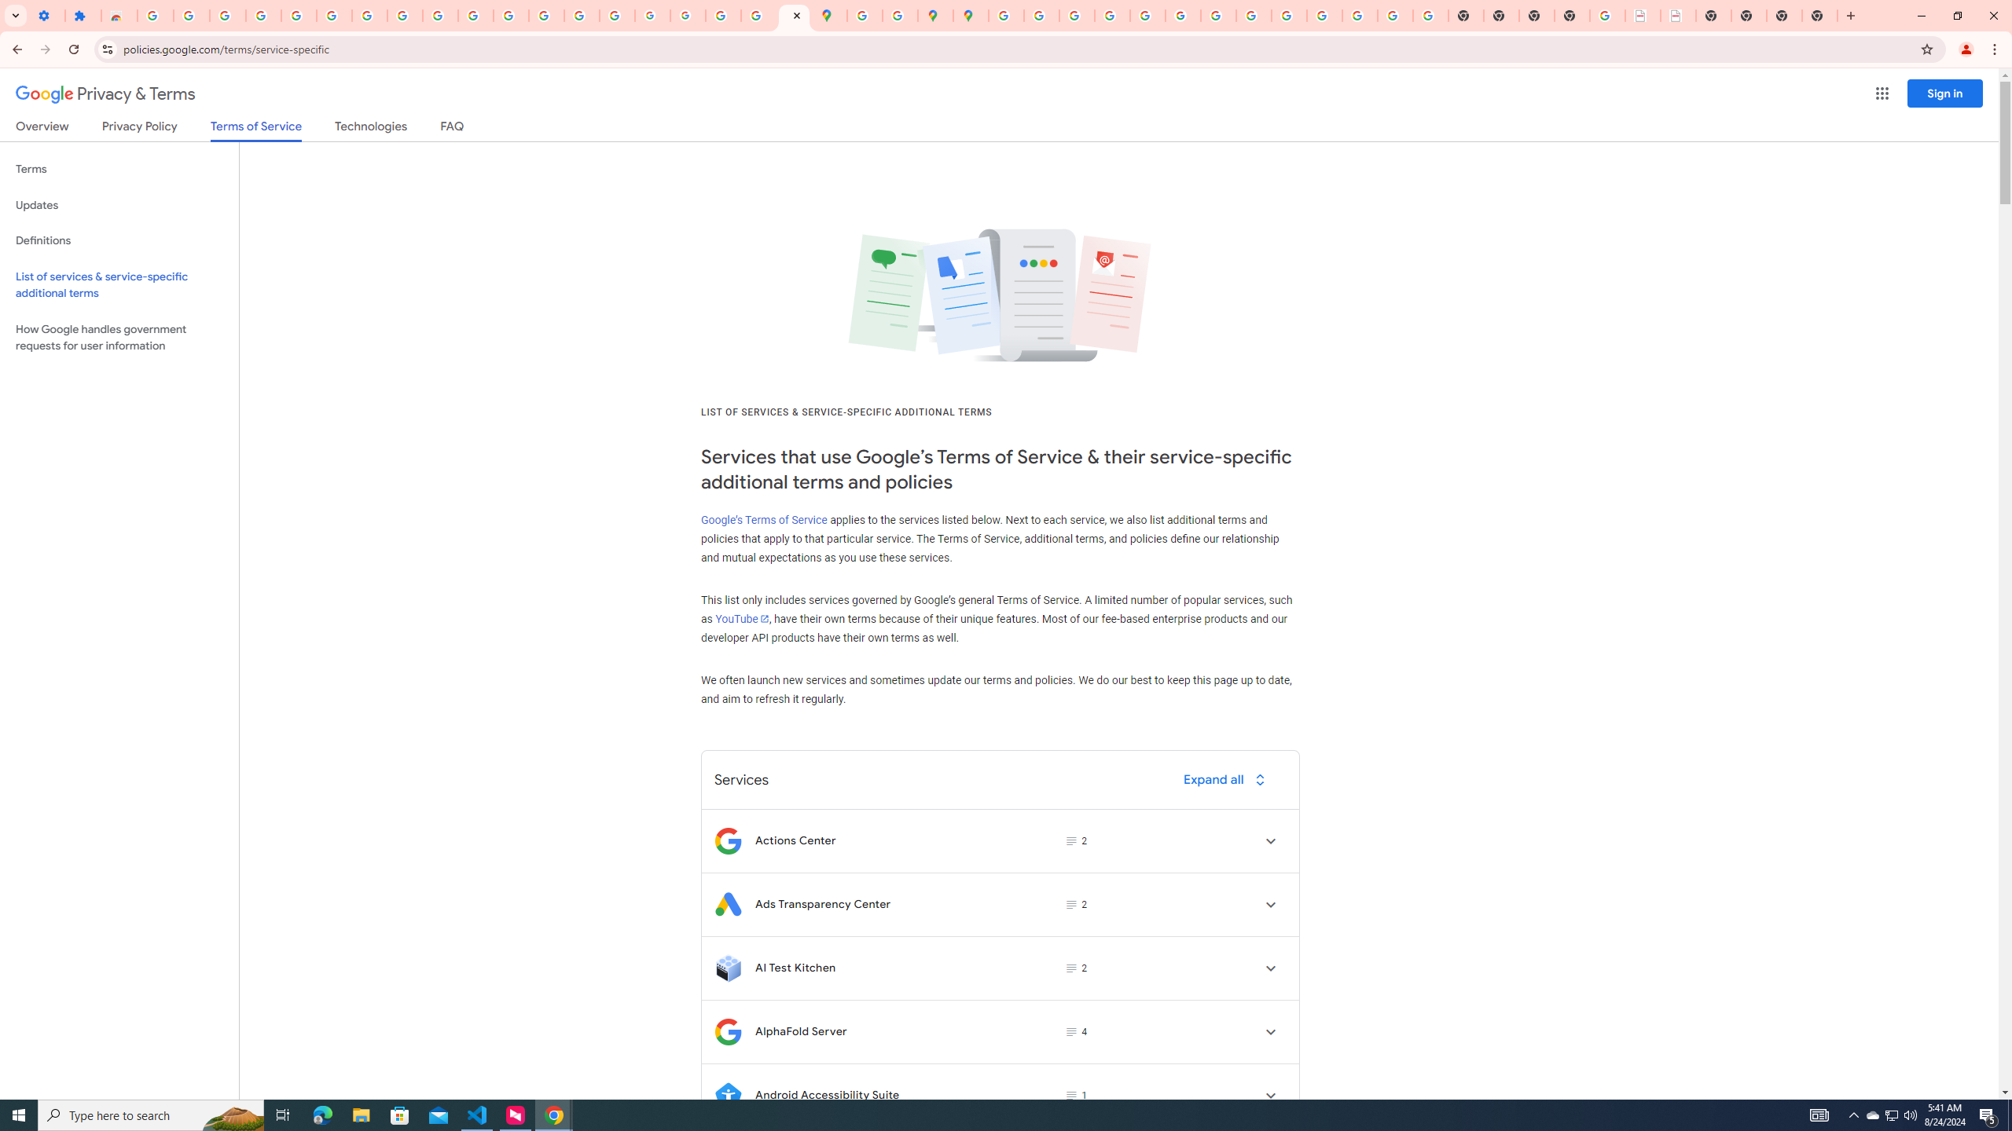 The width and height of the screenshot is (2012, 1131). What do you see at coordinates (119, 336) in the screenshot?
I see `'How Google handles government requests for user information'` at bounding box center [119, 336].